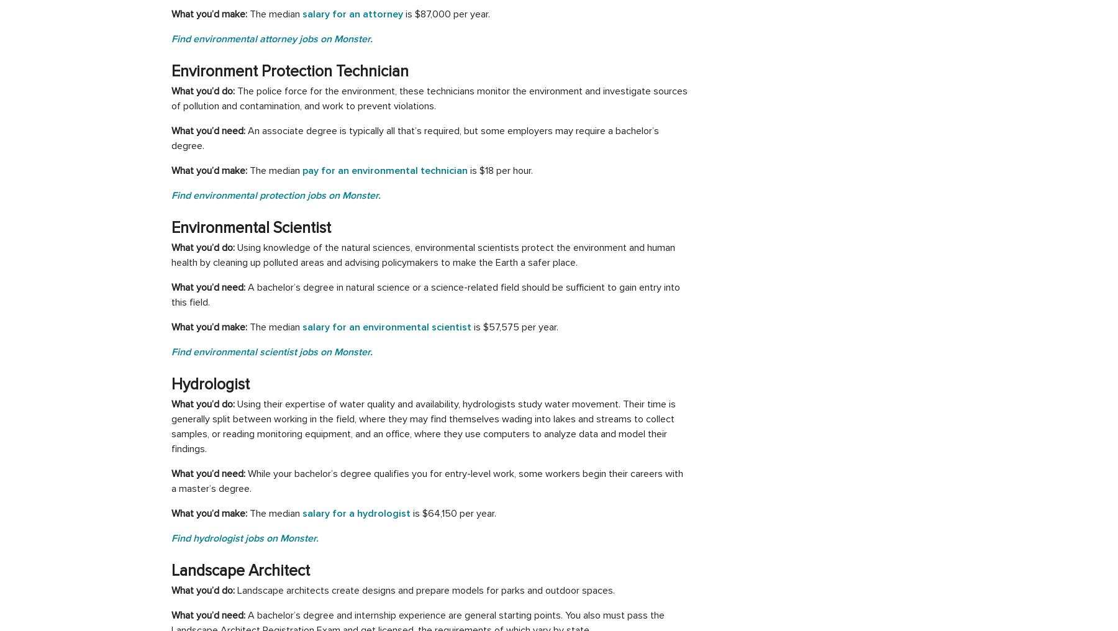  I want to click on 'Find hydrologist jobs on Monster.', so click(245, 538).